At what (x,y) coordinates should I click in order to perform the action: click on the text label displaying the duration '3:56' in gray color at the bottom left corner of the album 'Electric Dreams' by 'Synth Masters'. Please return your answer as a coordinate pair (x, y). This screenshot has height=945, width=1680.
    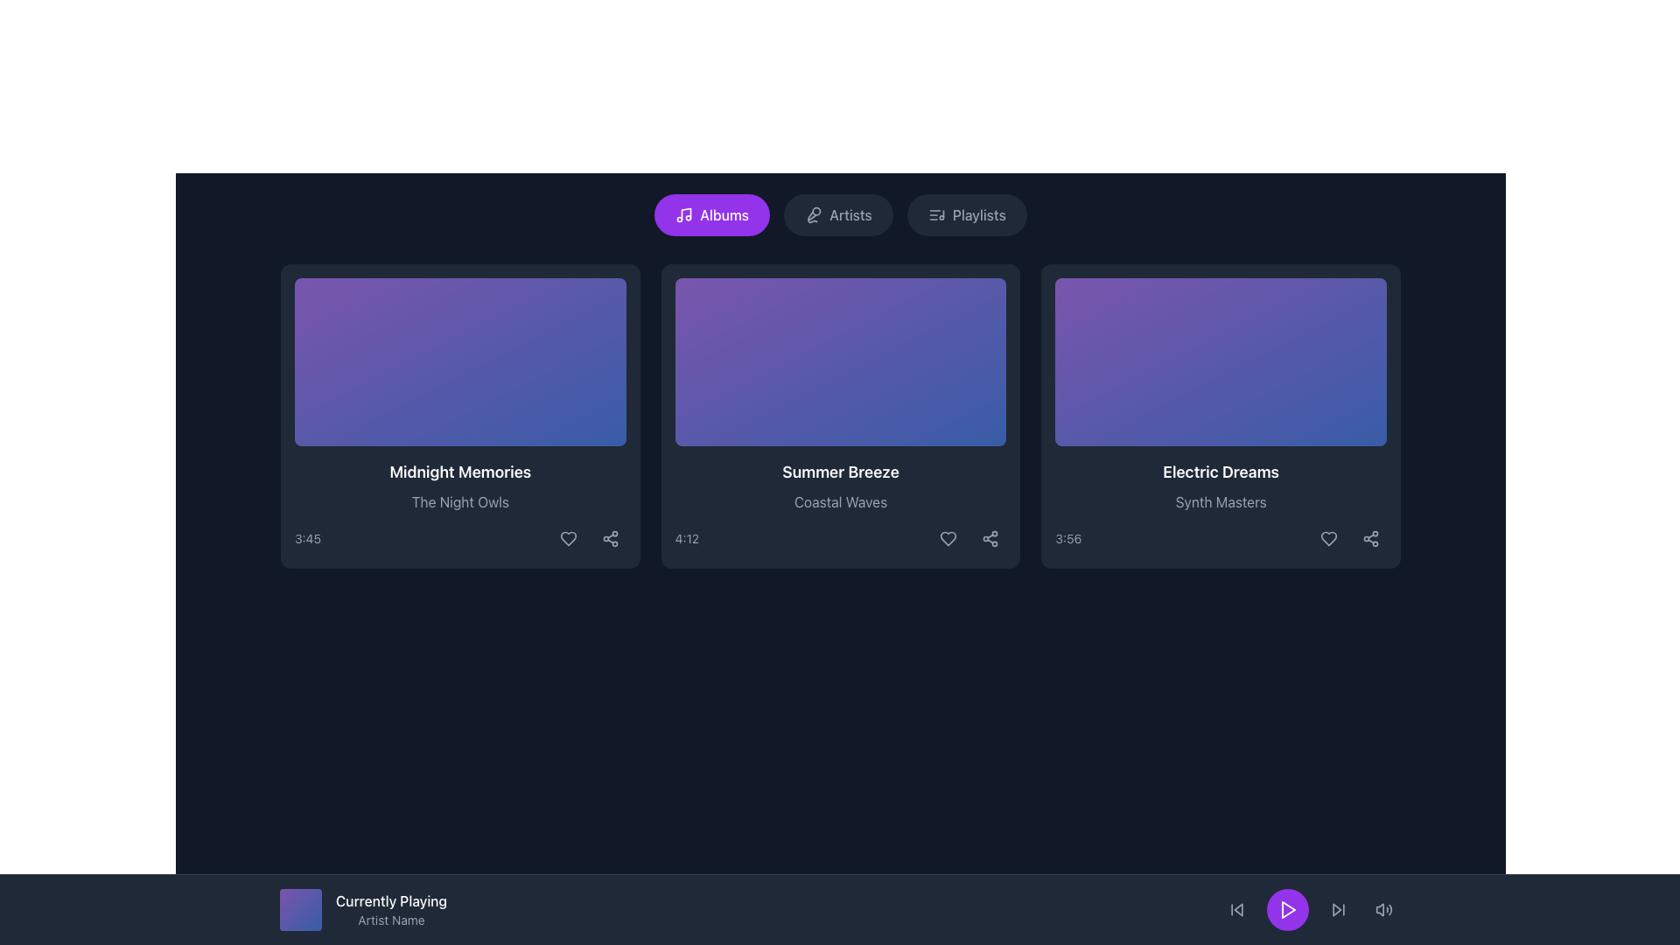
    Looking at the image, I should click on (1067, 538).